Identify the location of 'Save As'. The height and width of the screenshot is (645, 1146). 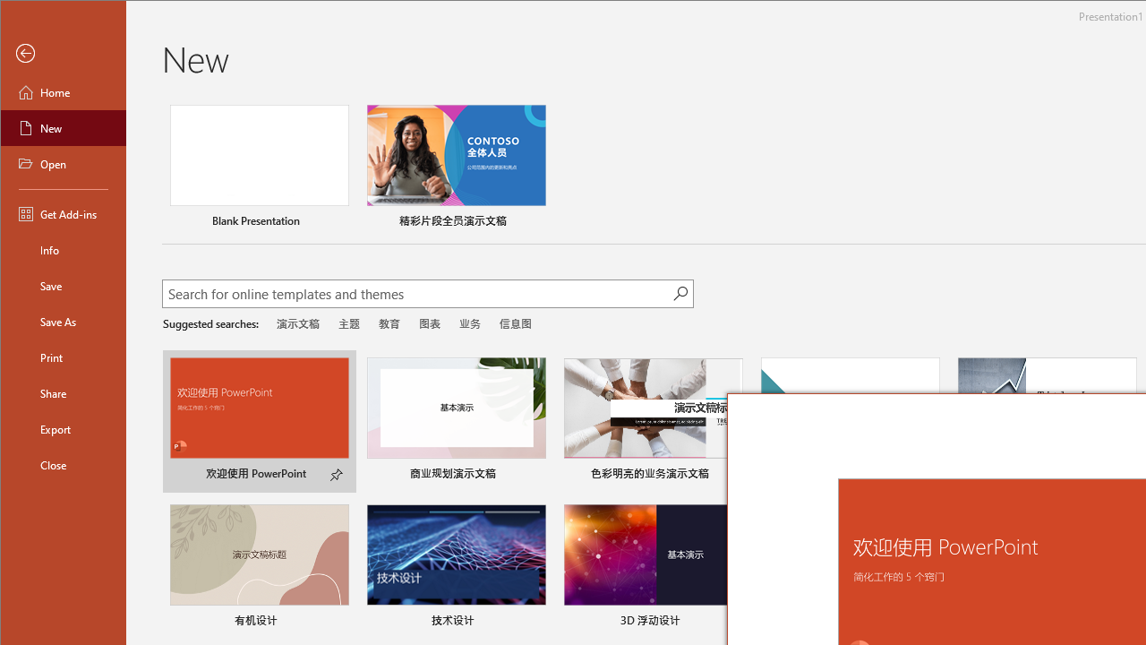
(64, 320).